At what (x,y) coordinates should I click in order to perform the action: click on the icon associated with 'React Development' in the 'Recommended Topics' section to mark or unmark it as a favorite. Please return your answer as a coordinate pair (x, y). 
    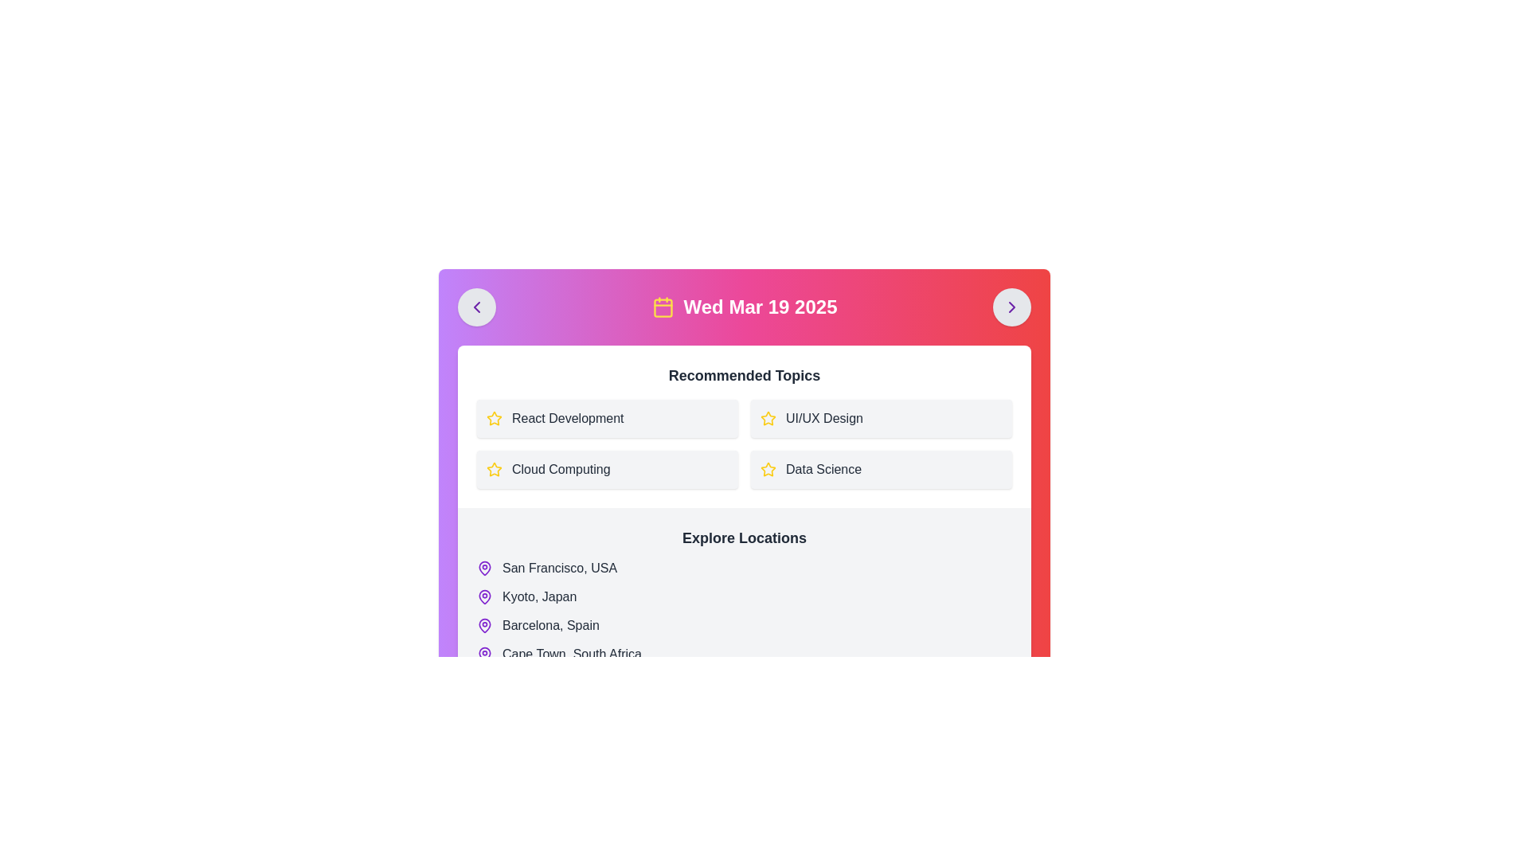
    Looking at the image, I should click on (768, 468).